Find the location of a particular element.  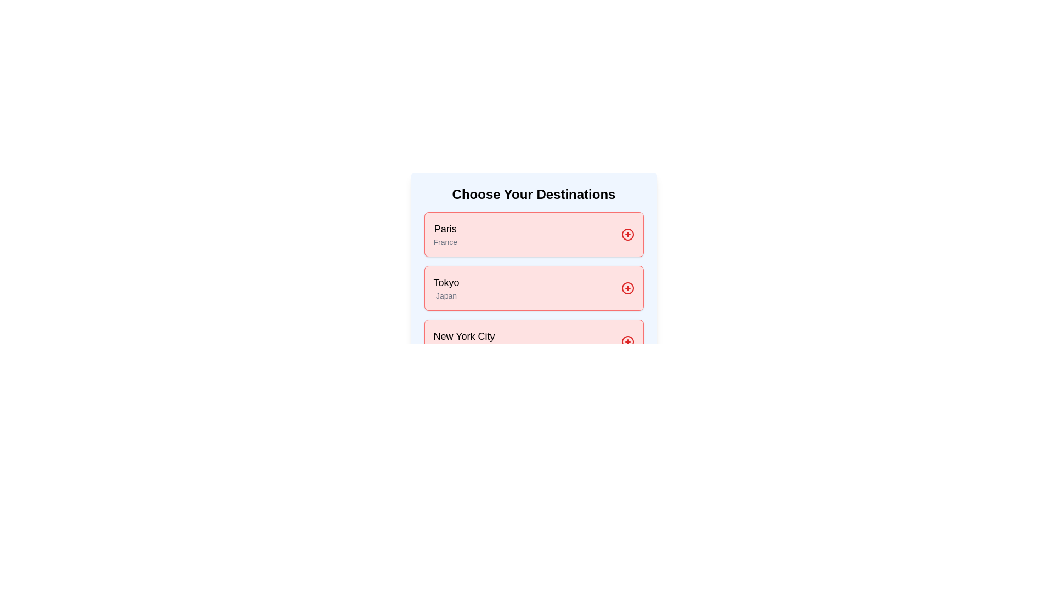

the card labeled 'New York City' which has a light red background and a red border, containing the text 'New York City' at the top and 'USA' underneath, positioned below the 'Tokyo, Japan' card is located at coordinates (534, 341).